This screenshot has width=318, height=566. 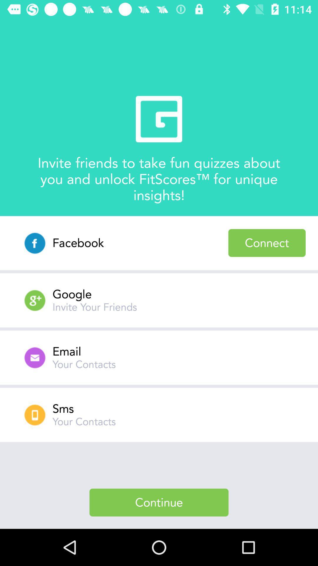 What do you see at coordinates (267, 243) in the screenshot?
I see `the connect on the right` at bounding box center [267, 243].